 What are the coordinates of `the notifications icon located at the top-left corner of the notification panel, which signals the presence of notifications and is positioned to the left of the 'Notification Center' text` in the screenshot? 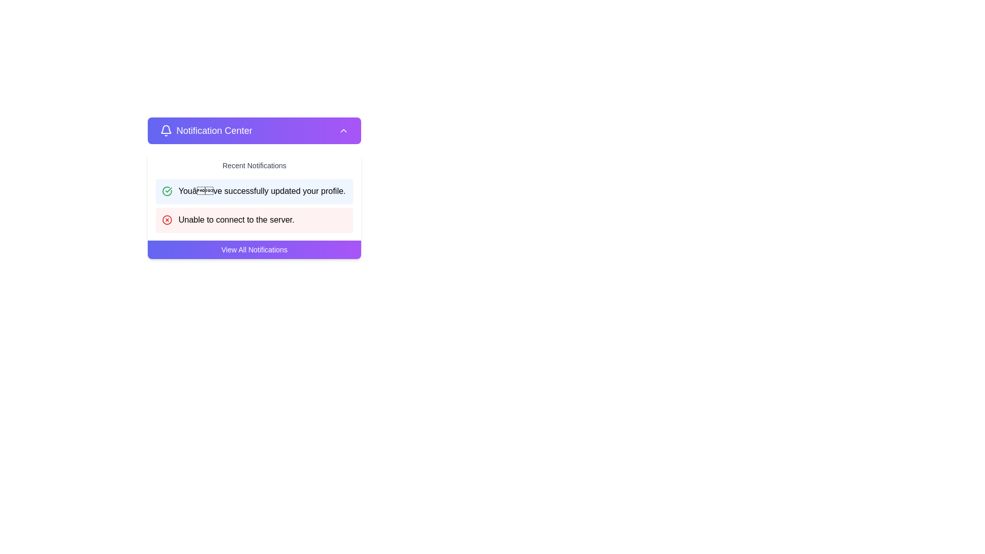 It's located at (166, 130).